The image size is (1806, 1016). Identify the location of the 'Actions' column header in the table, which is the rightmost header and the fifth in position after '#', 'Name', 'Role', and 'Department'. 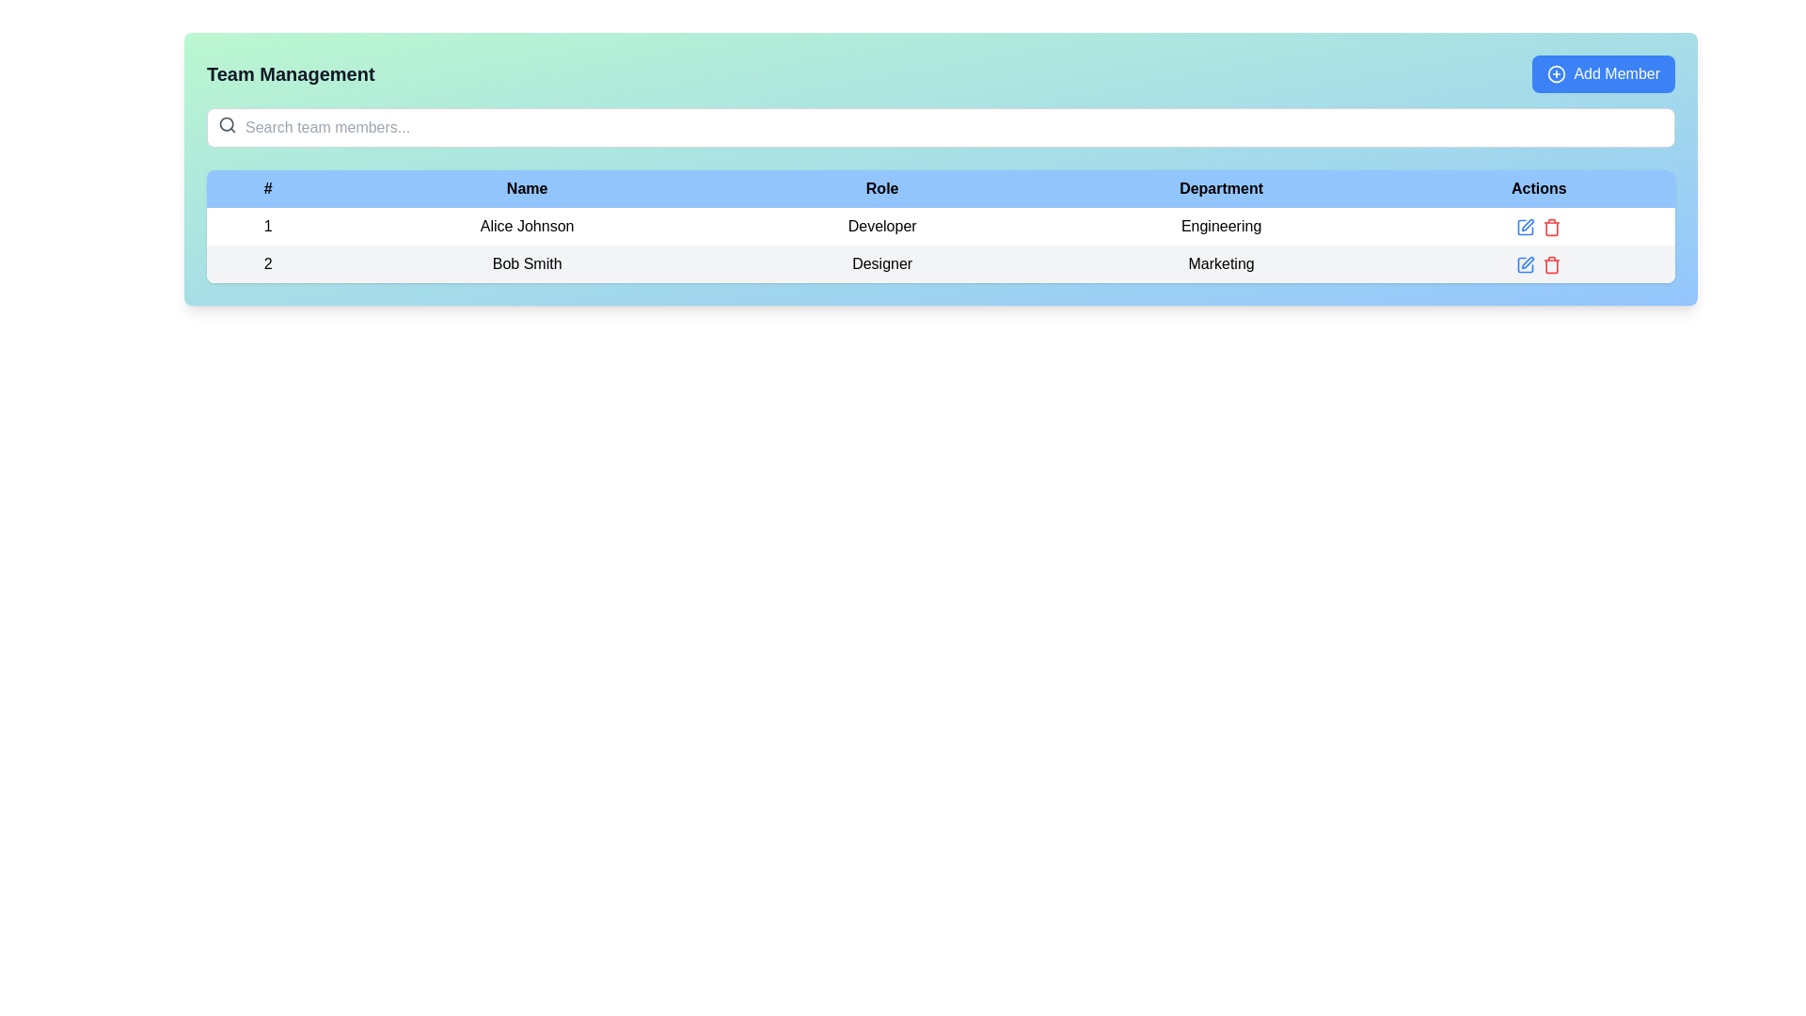
(1539, 188).